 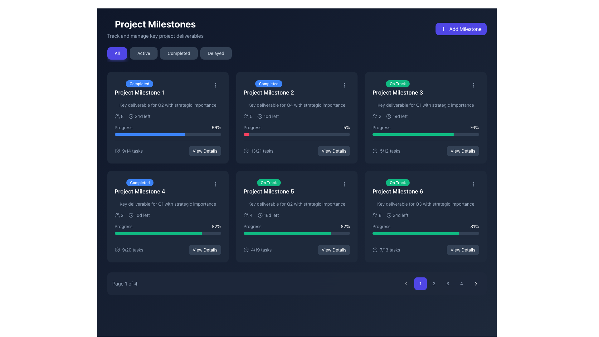 I want to click on the progress indicator (progress bar) that shows 76% completion, located in the bottom half of the 'Project Milestone 3' card, so click(x=425, y=134).